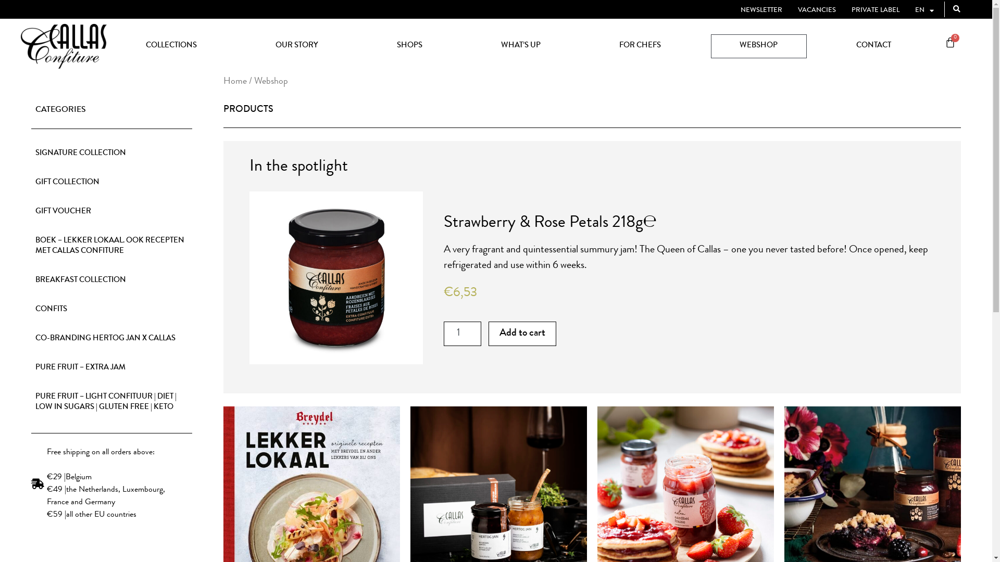 The height and width of the screenshot is (562, 1000). Describe the element at coordinates (111, 182) in the screenshot. I see `'GIFT COLLECTION'` at that location.